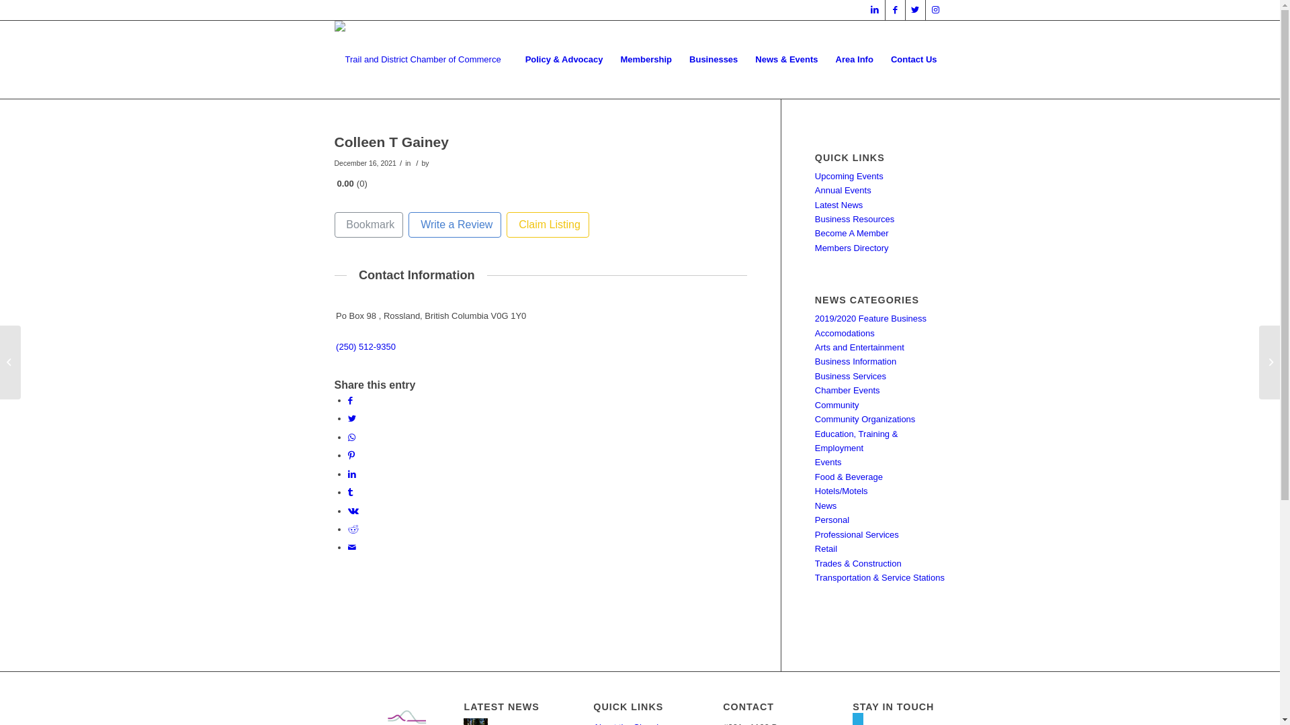  I want to click on 'Transportation & Service Stations', so click(814, 577).